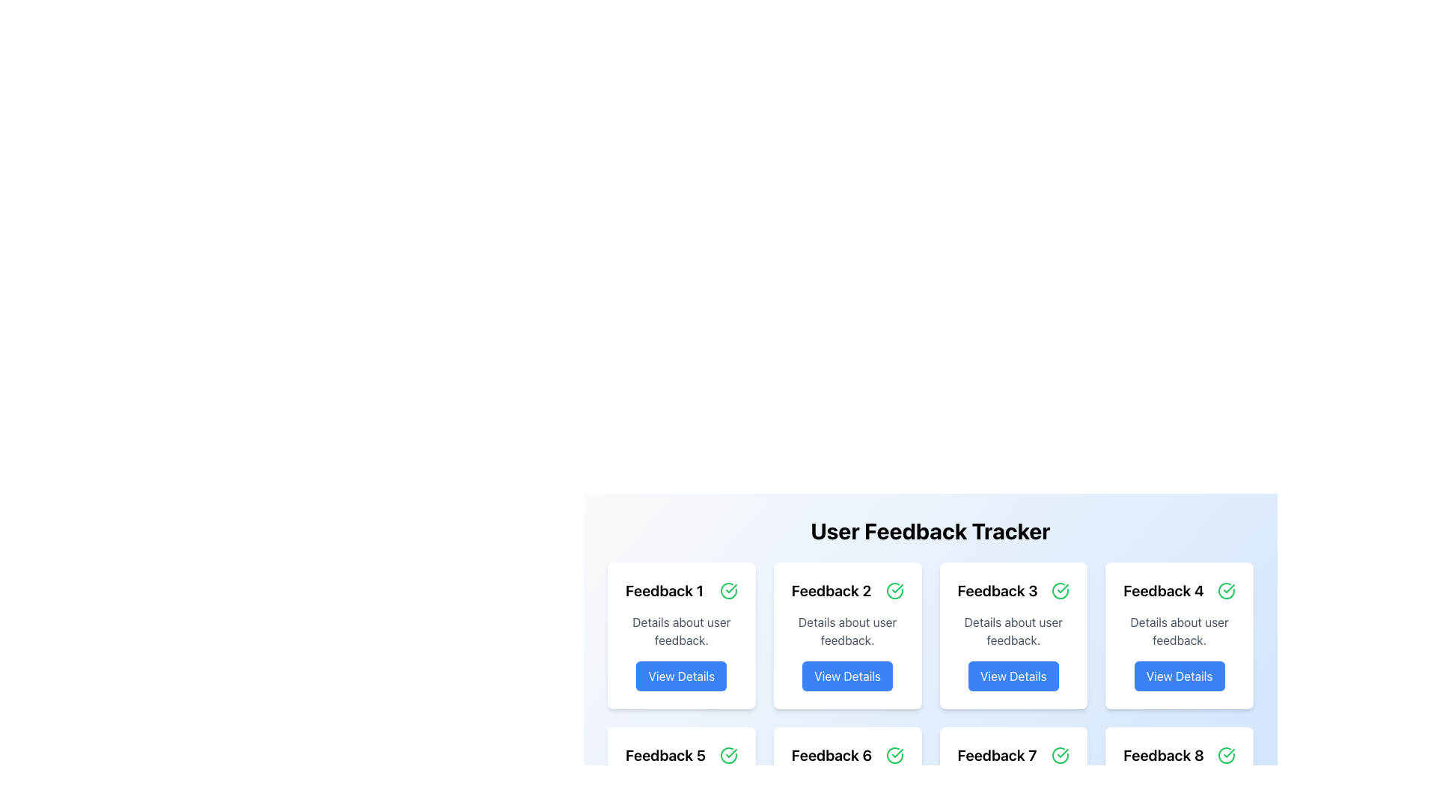 The image size is (1437, 808). What do you see at coordinates (897, 587) in the screenshot?
I see `the green checkmark icon enclosed within a circle outline, located on the top-right side of the second feedback card in the first row of the feedback grid` at bounding box center [897, 587].